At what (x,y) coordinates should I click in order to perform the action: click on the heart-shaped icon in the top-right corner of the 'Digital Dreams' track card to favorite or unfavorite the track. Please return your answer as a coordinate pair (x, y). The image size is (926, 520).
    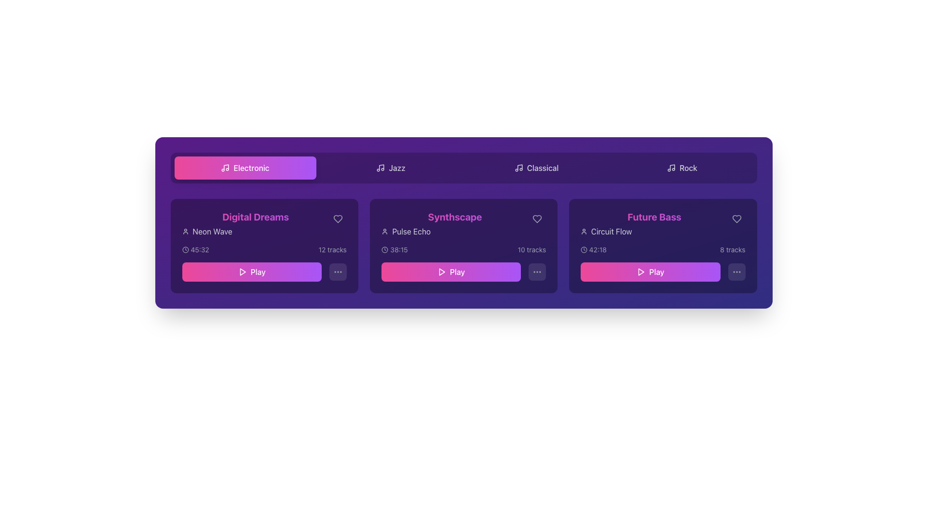
    Looking at the image, I should click on (338, 219).